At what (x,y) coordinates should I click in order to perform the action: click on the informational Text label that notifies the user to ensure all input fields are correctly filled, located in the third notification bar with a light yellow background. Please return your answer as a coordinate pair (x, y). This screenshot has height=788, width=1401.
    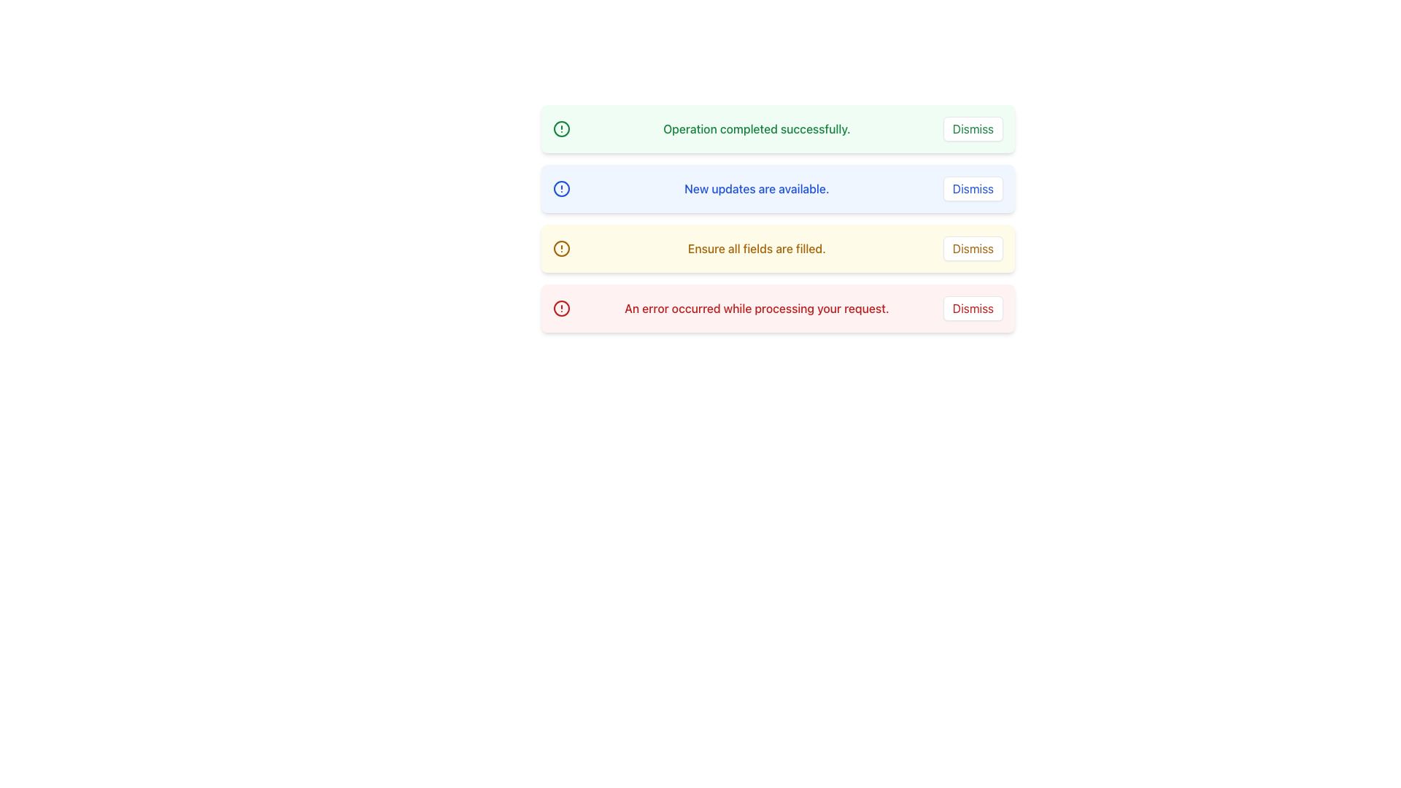
    Looking at the image, I should click on (757, 247).